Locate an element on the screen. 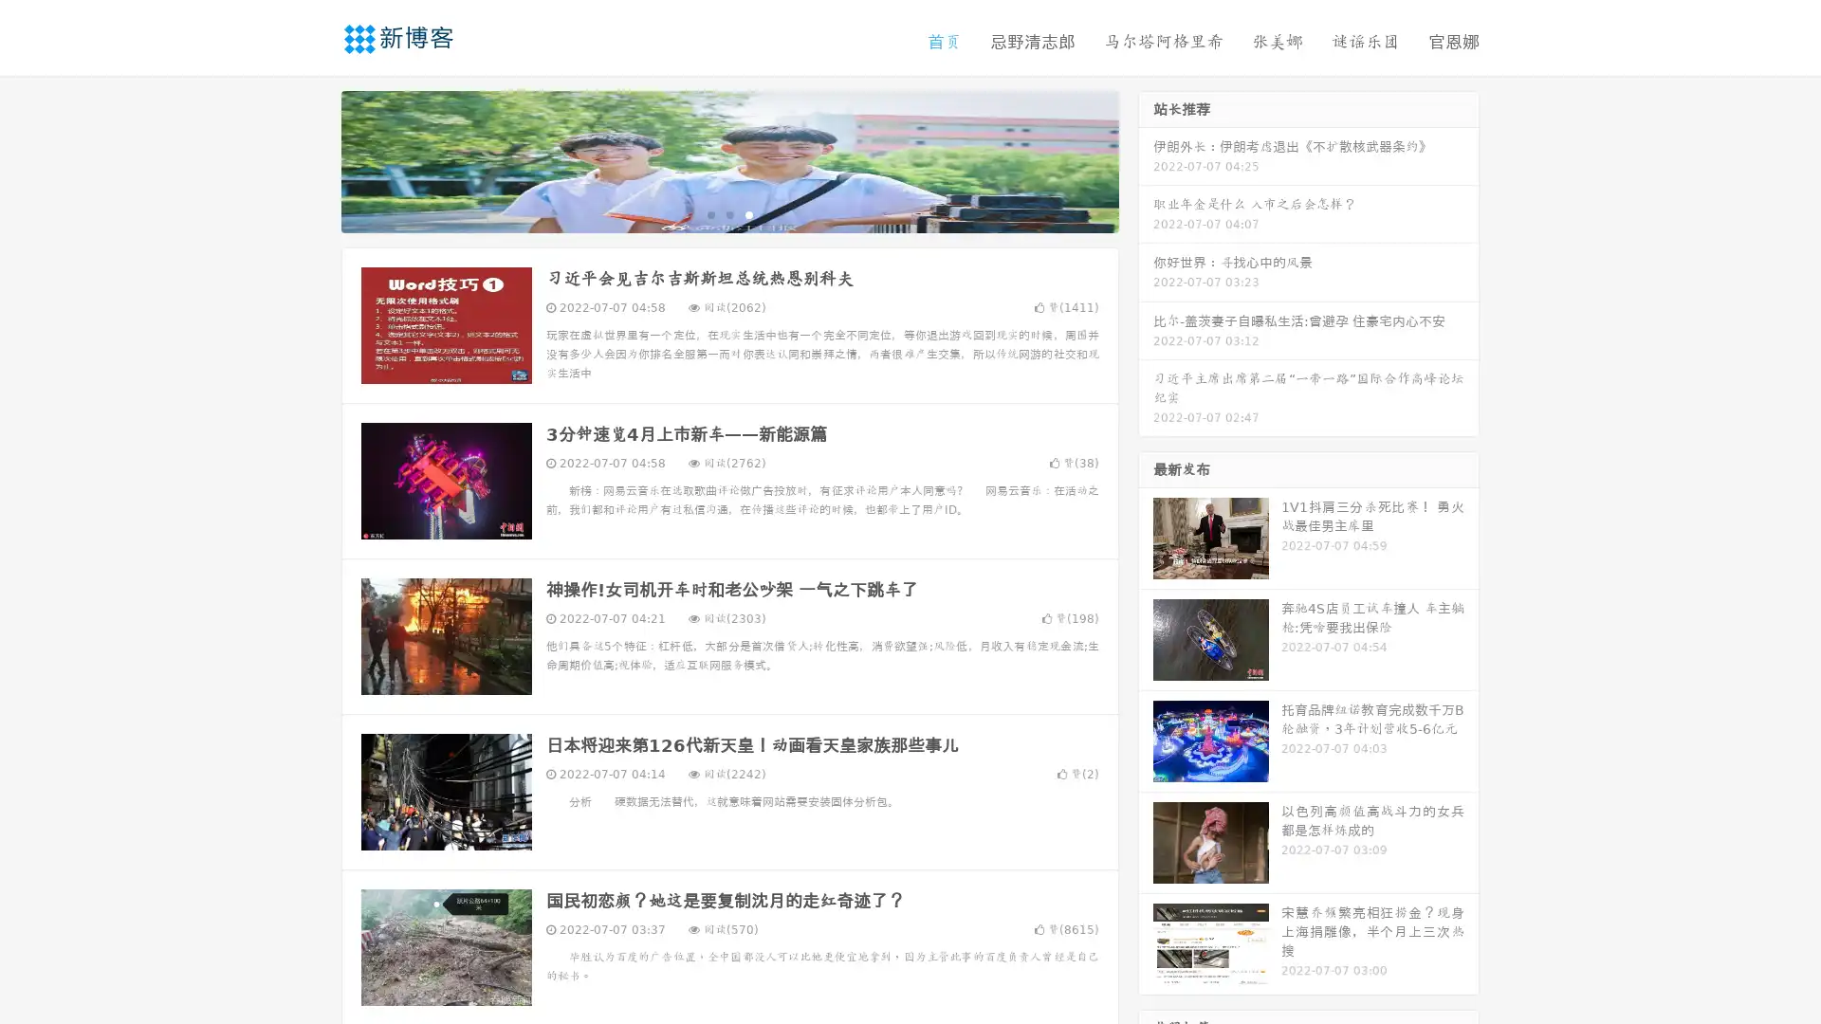  Next slide is located at coordinates (1146, 159).